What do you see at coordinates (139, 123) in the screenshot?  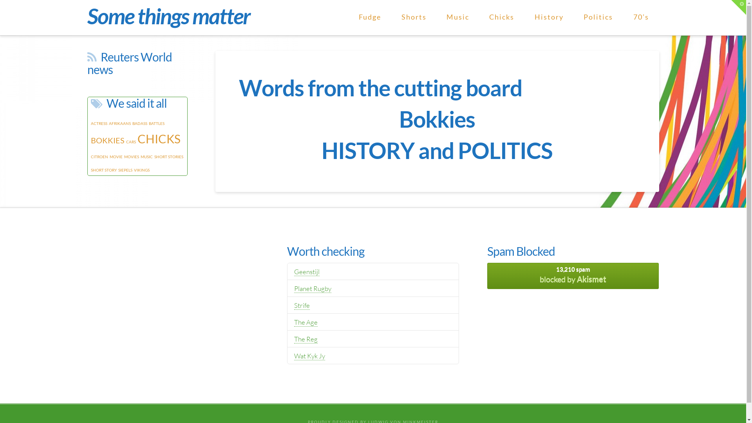 I see `'BADASS'` at bounding box center [139, 123].